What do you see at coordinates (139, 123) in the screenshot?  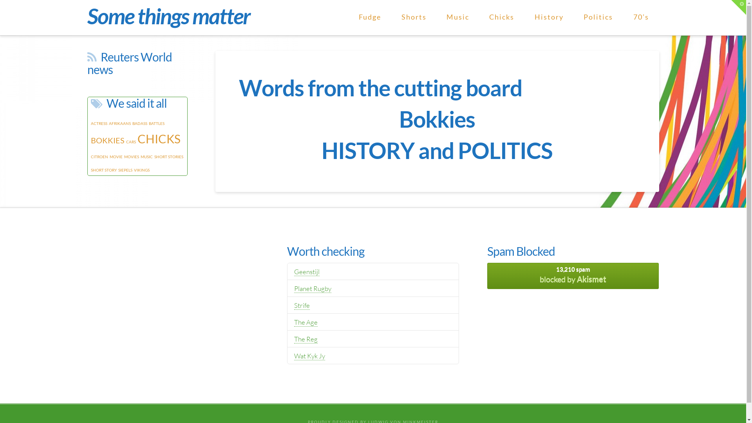 I see `'BADASS'` at bounding box center [139, 123].